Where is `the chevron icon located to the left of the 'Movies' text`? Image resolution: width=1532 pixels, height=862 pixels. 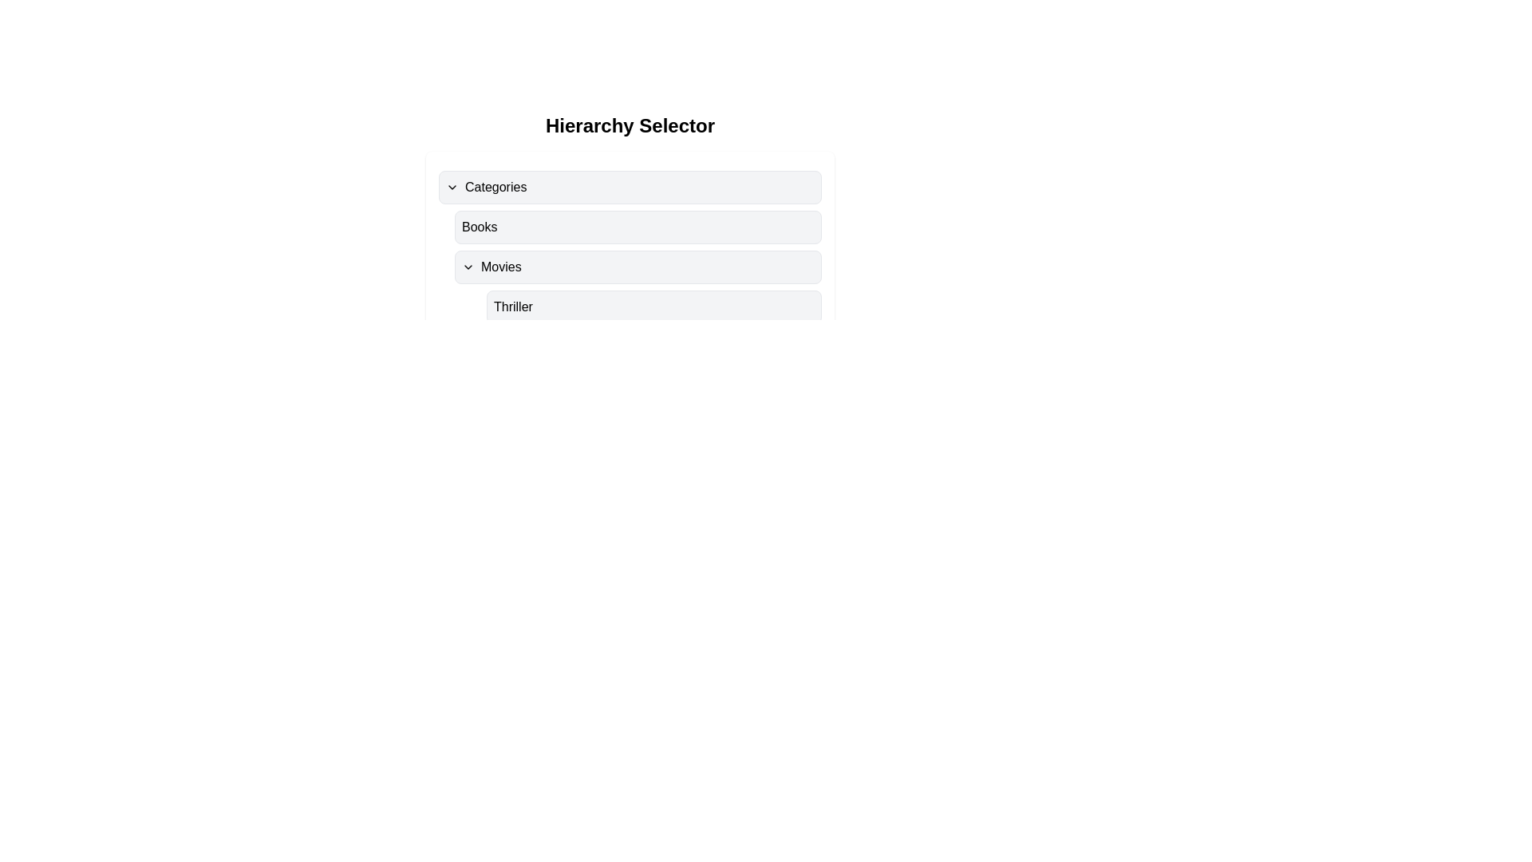 the chevron icon located to the left of the 'Movies' text is located at coordinates (467, 267).